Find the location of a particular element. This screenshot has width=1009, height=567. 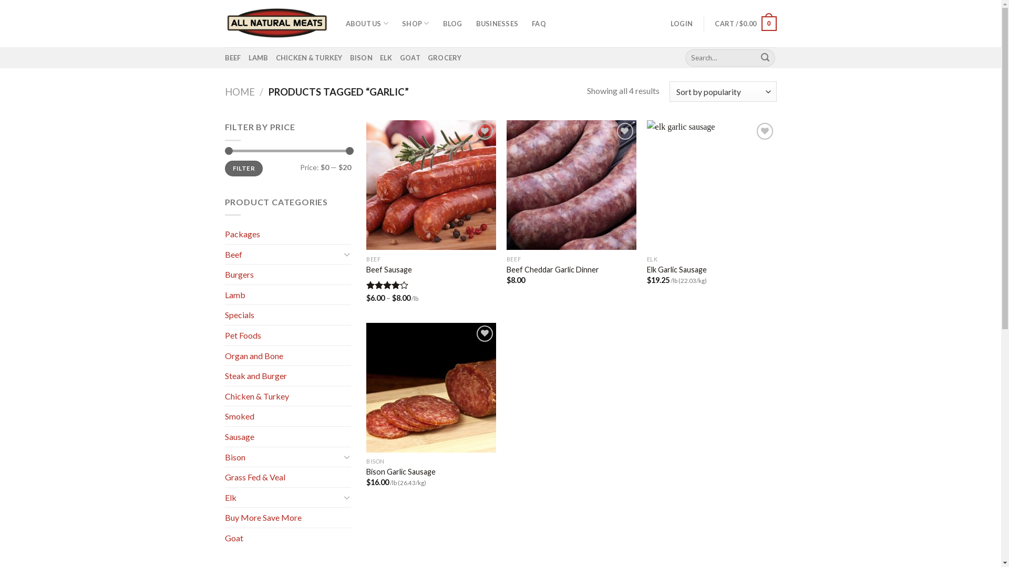

'Packages' is located at coordinates (287, 234).